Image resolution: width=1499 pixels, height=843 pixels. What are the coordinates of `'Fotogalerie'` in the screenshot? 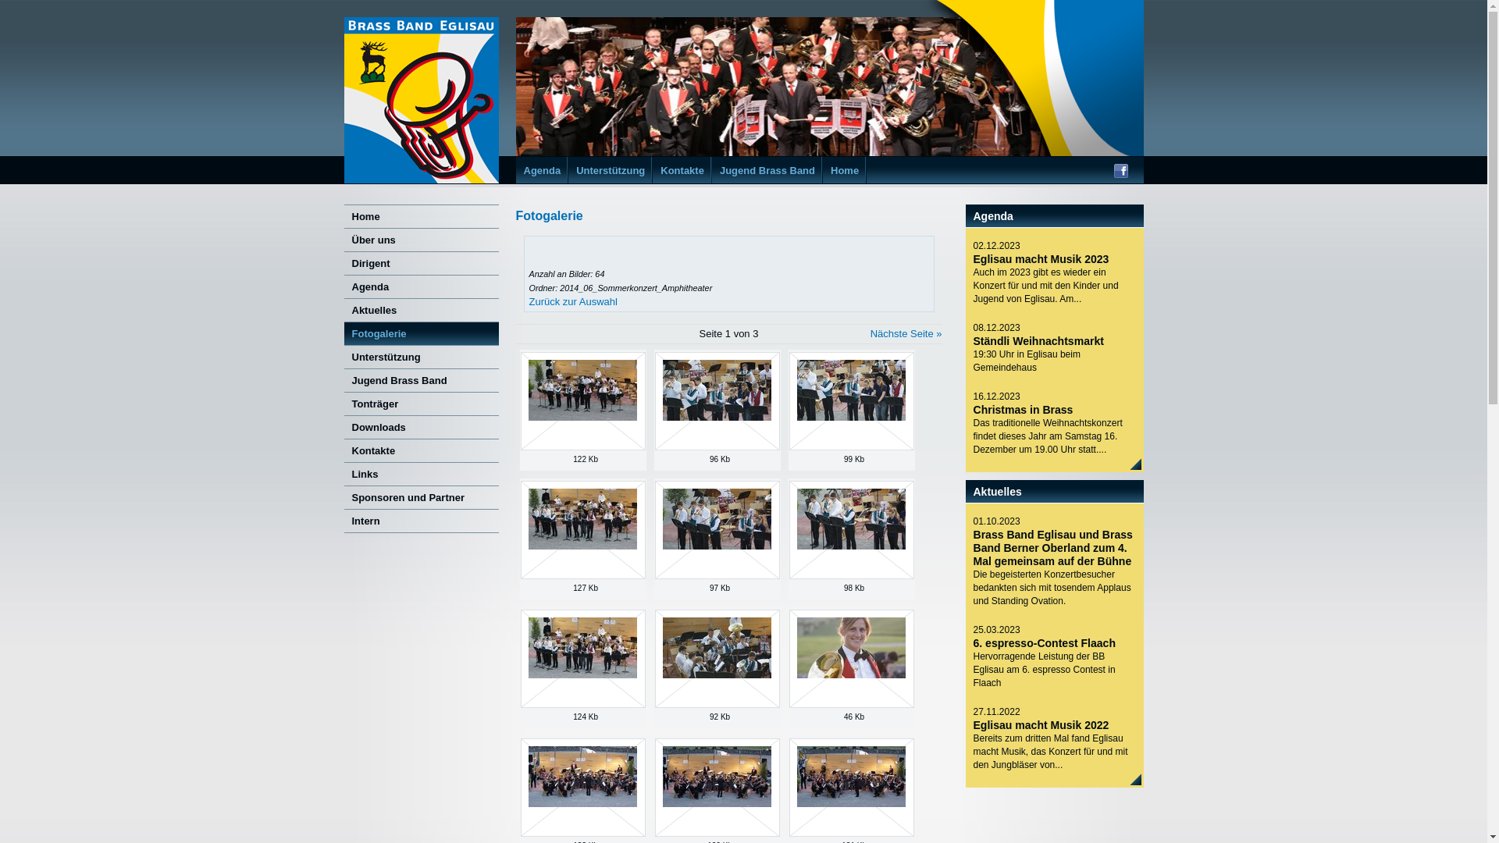 It's located at (420, 333).